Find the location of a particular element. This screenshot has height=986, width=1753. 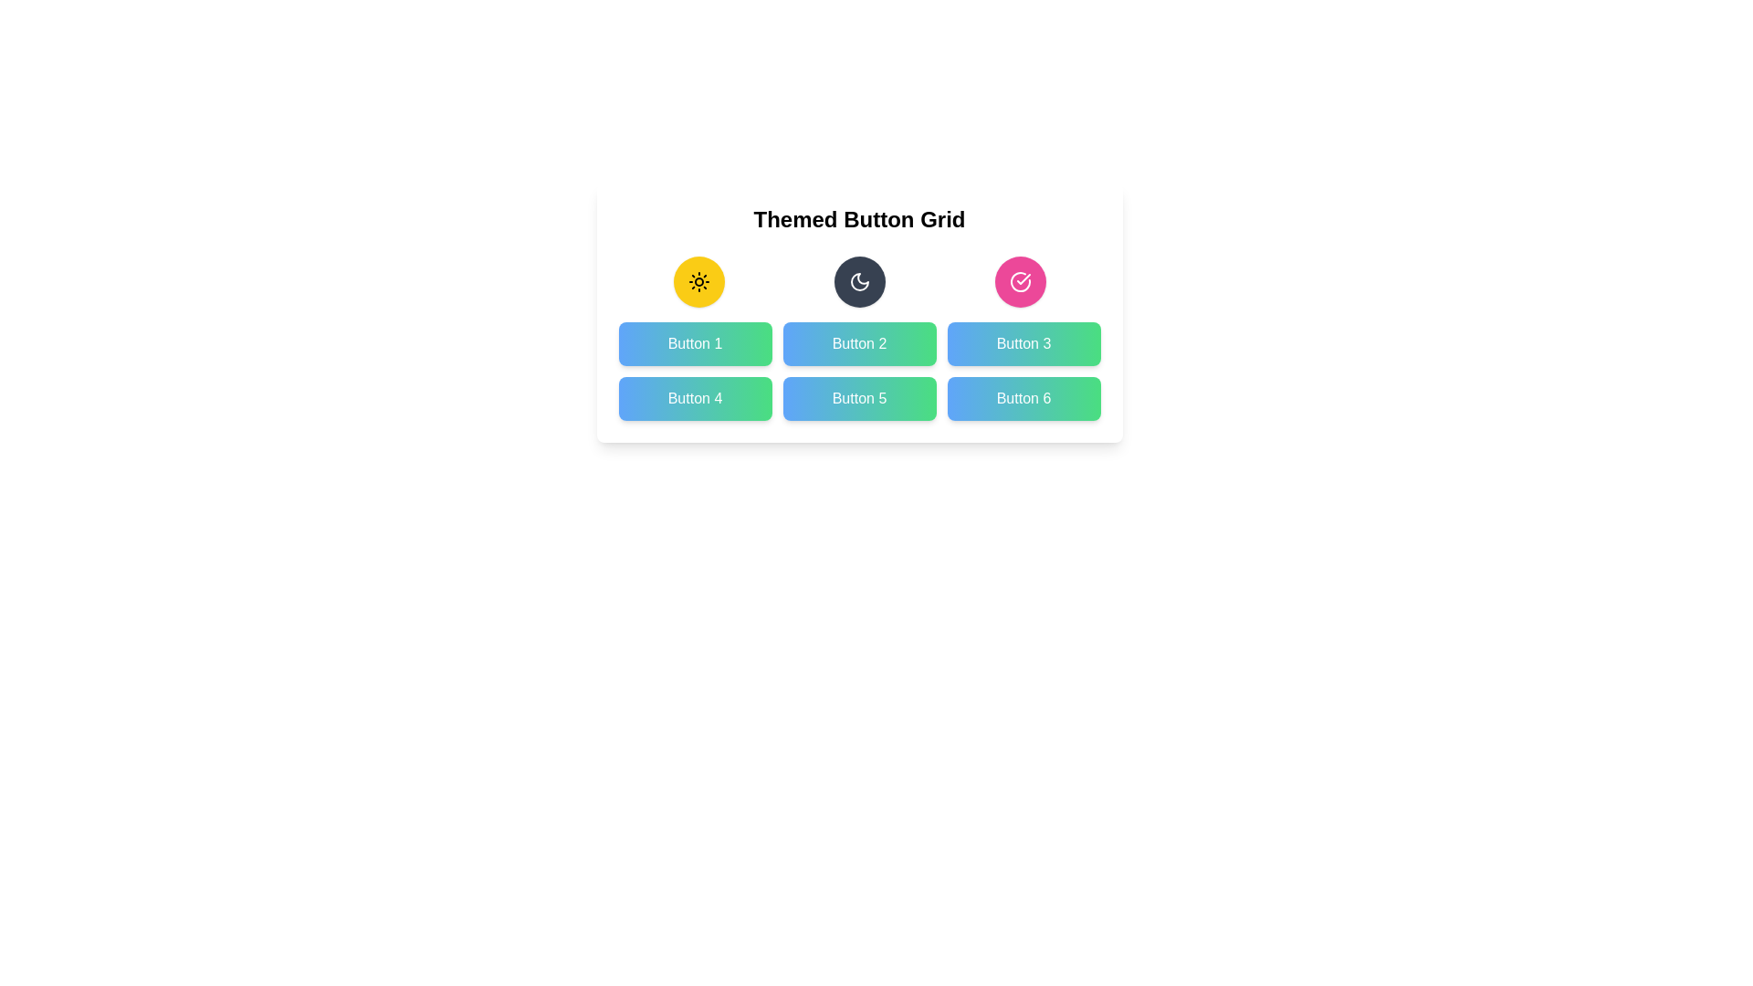

the rectangular button labeled 'Button 6' with a gradient background transitioning from blue to green, located in the bottom-right position of a 2x3 grid within the 'Themed Button Grid' is located at coordinates (1023, 397).